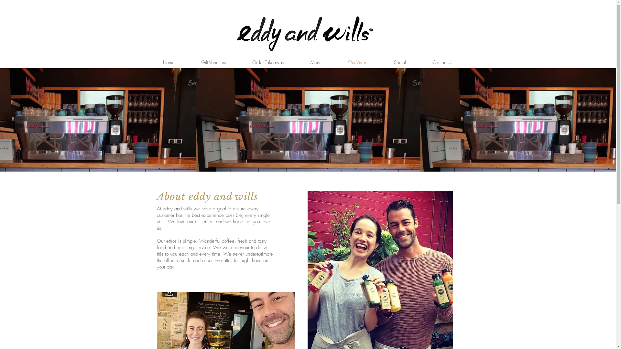 Image resolution: width=621 pixels, height=349 pixels. Describe the element at coordinates (149, 62) in the screenshot. I see `'Home'` at that location.